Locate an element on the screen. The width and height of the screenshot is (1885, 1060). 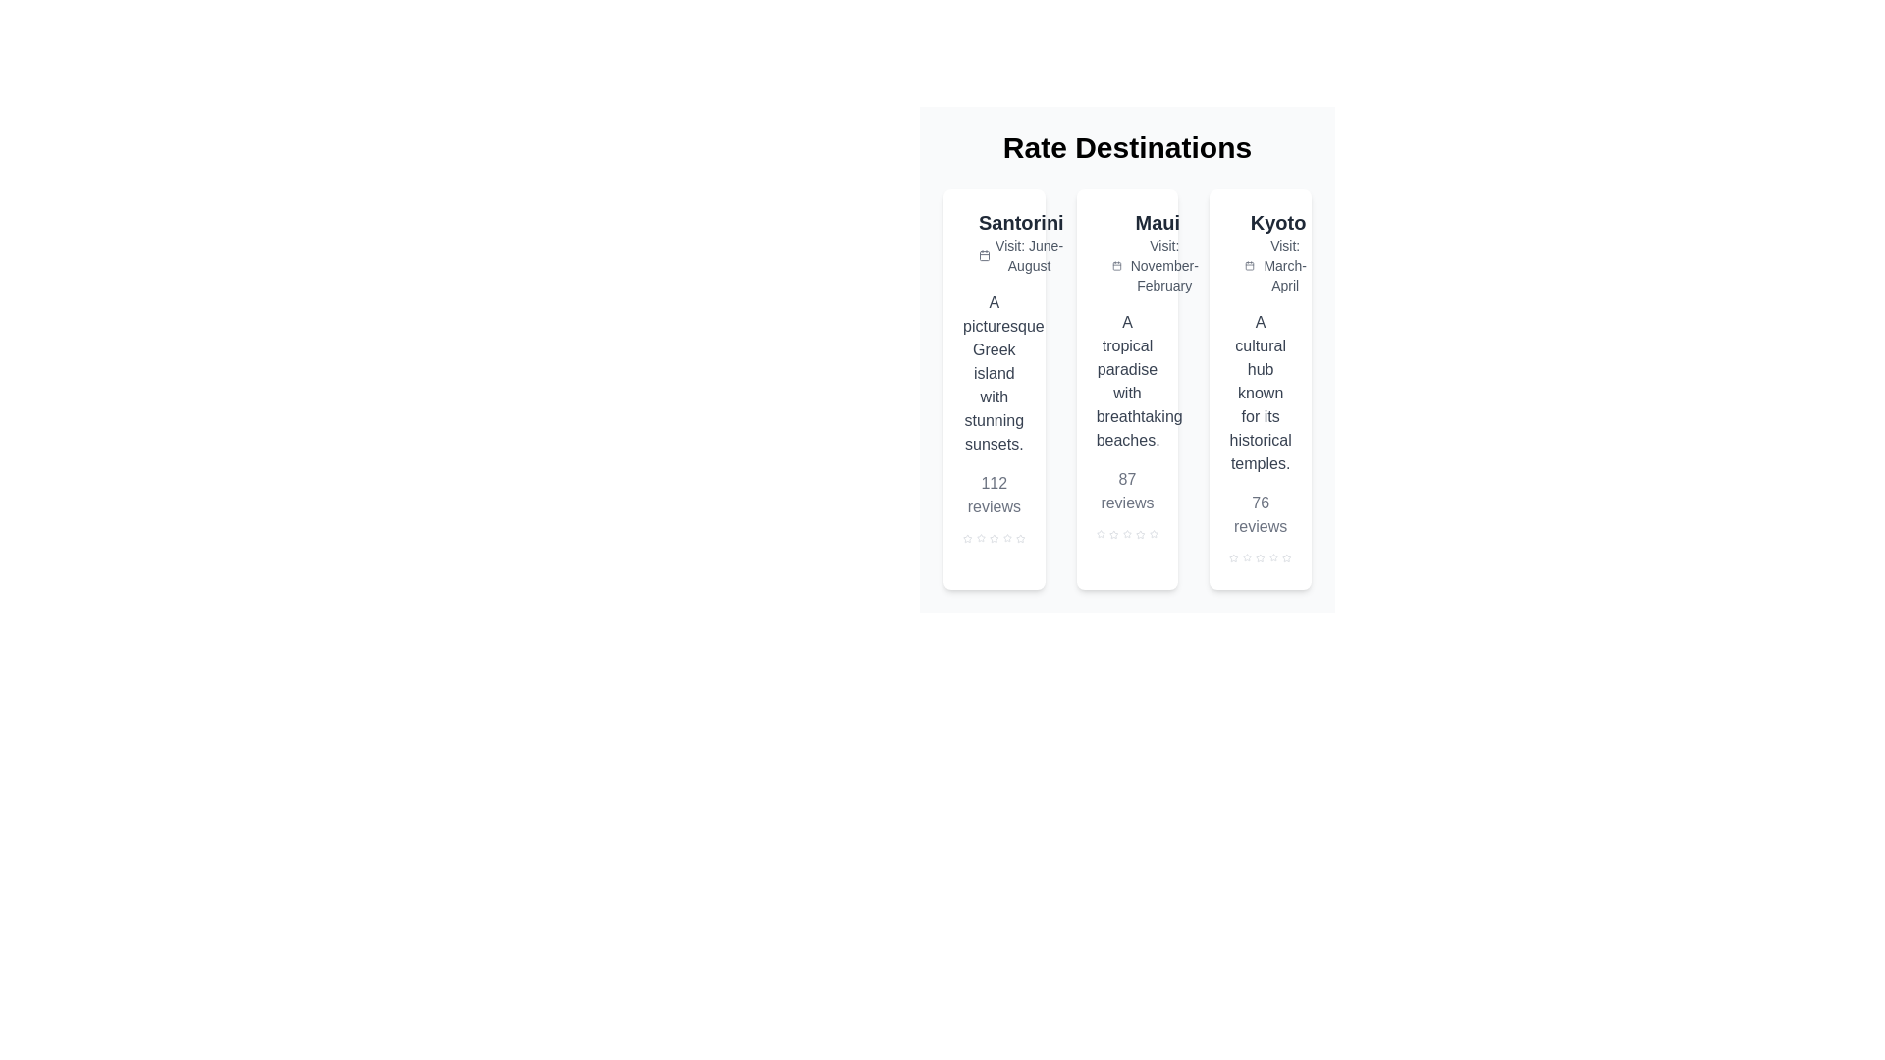
the Text Label that serves as a title or heading for the destination in the second column, located at the top above the text 'Visit: November-February' is located at coordinates (1158, 222).